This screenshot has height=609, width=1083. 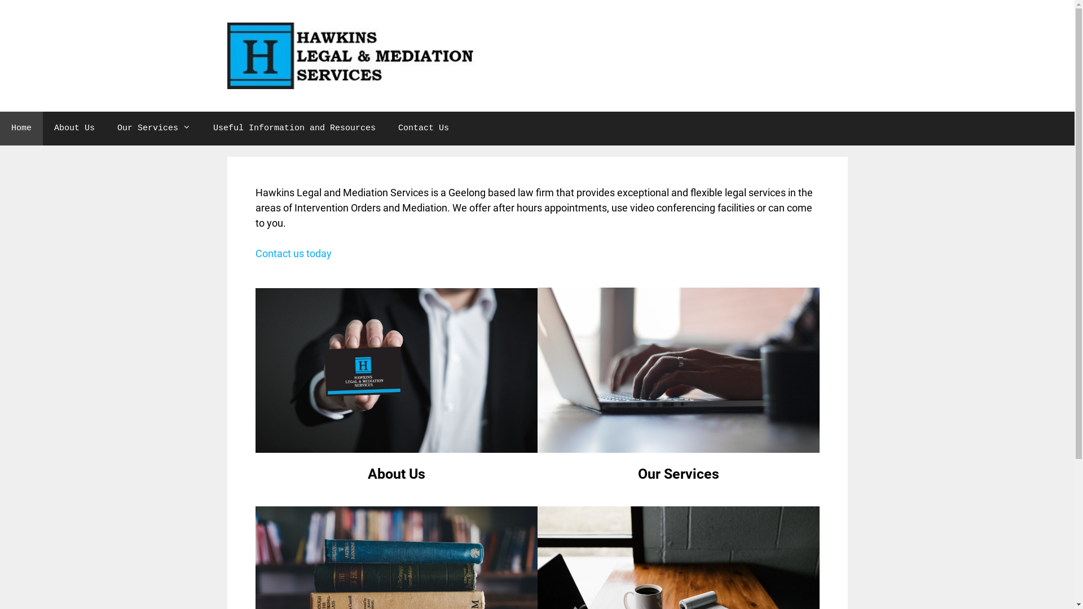 I want to click on 'Contact us today', so click(x=293, y=253).